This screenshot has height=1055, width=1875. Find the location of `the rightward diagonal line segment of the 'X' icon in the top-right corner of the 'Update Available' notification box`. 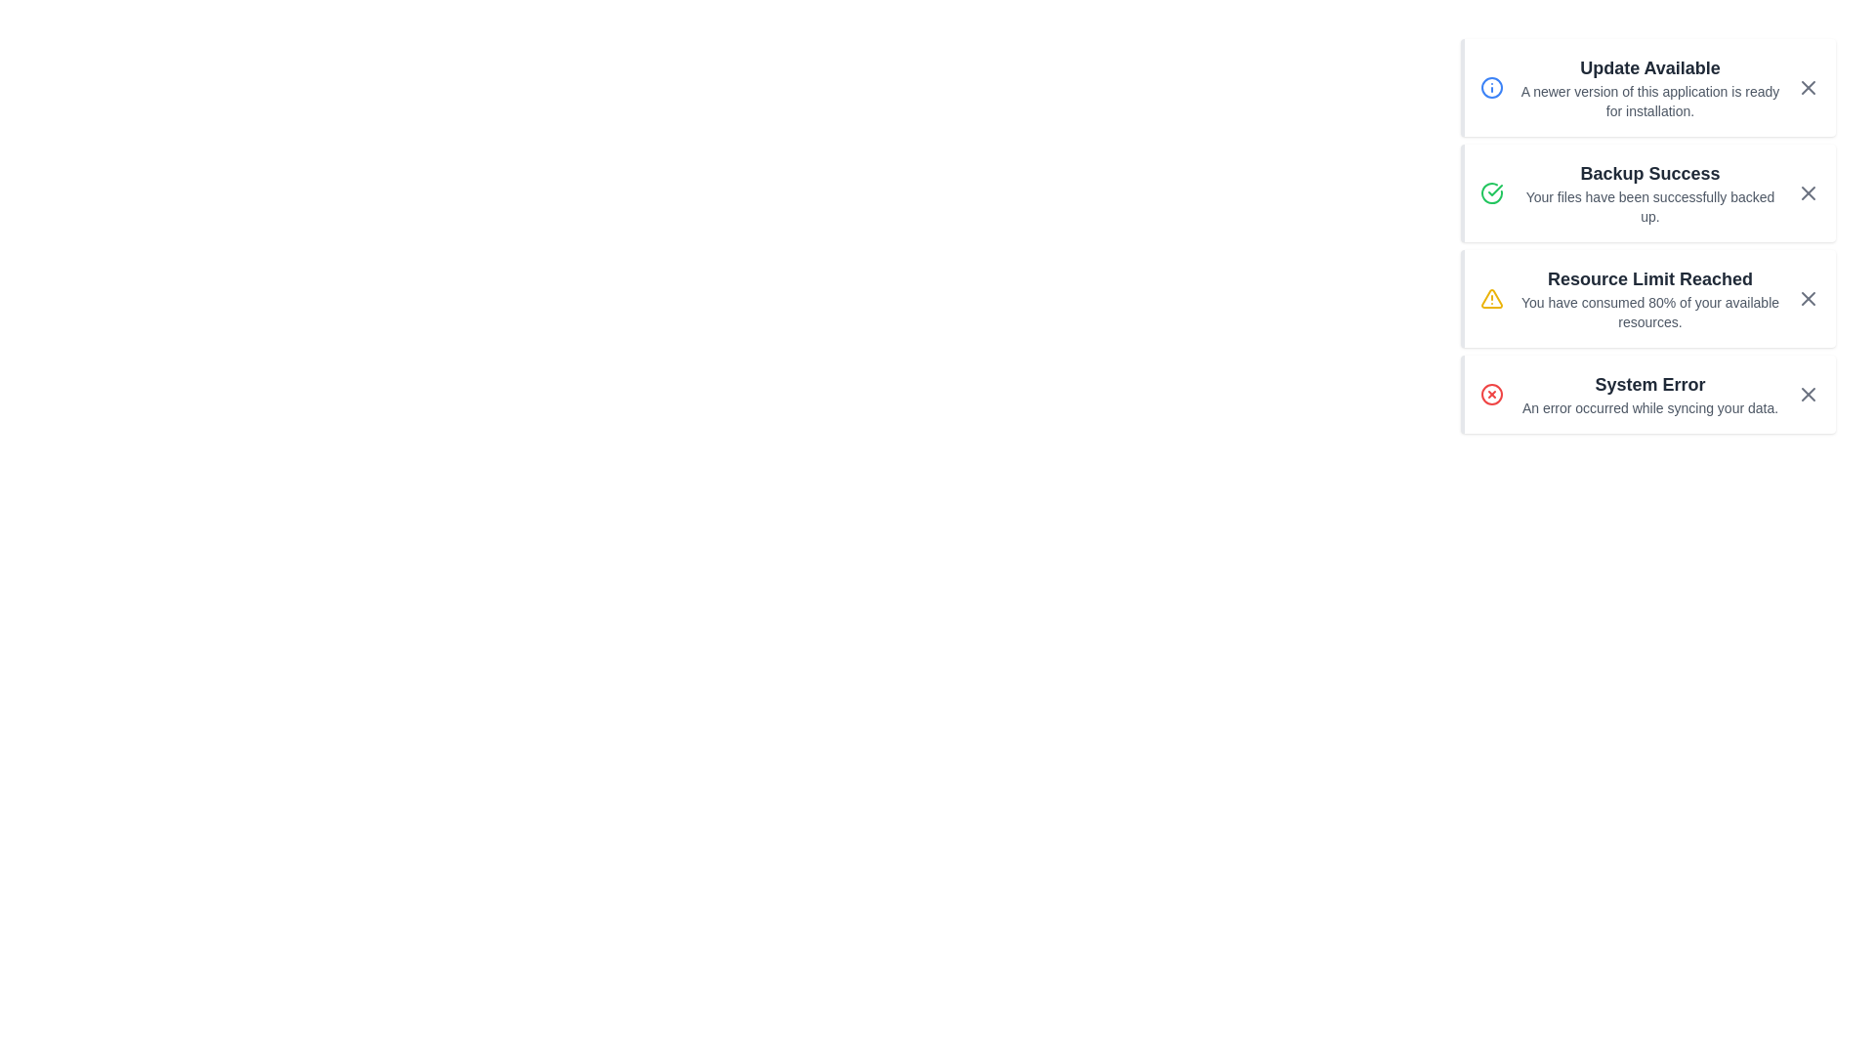

the rightward diagonal line segment of the 'X' icon in the top-right corner of the 'Update Available' notification box is located at coordinates (1808, 86).